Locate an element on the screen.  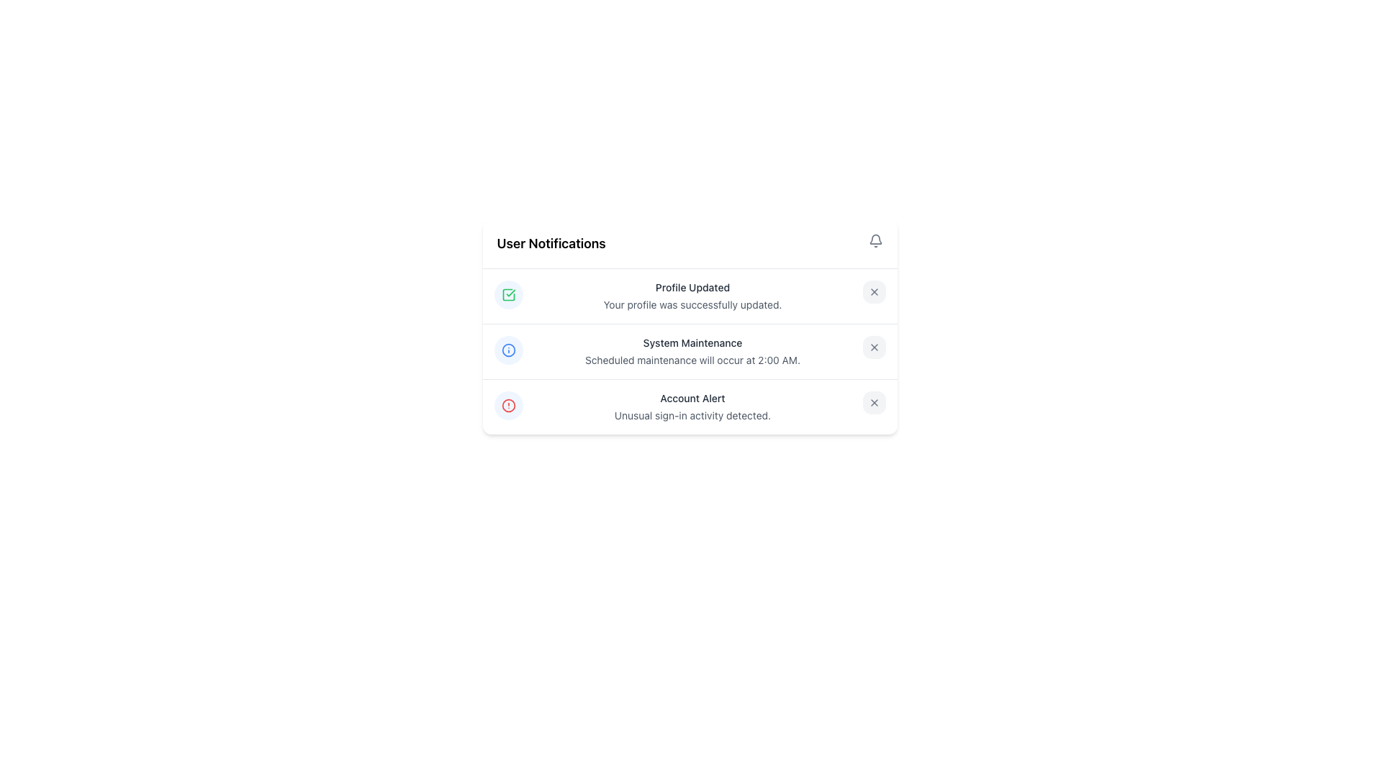
the close button for the 'Account Alert' notification is located at coordinates (873, 402).